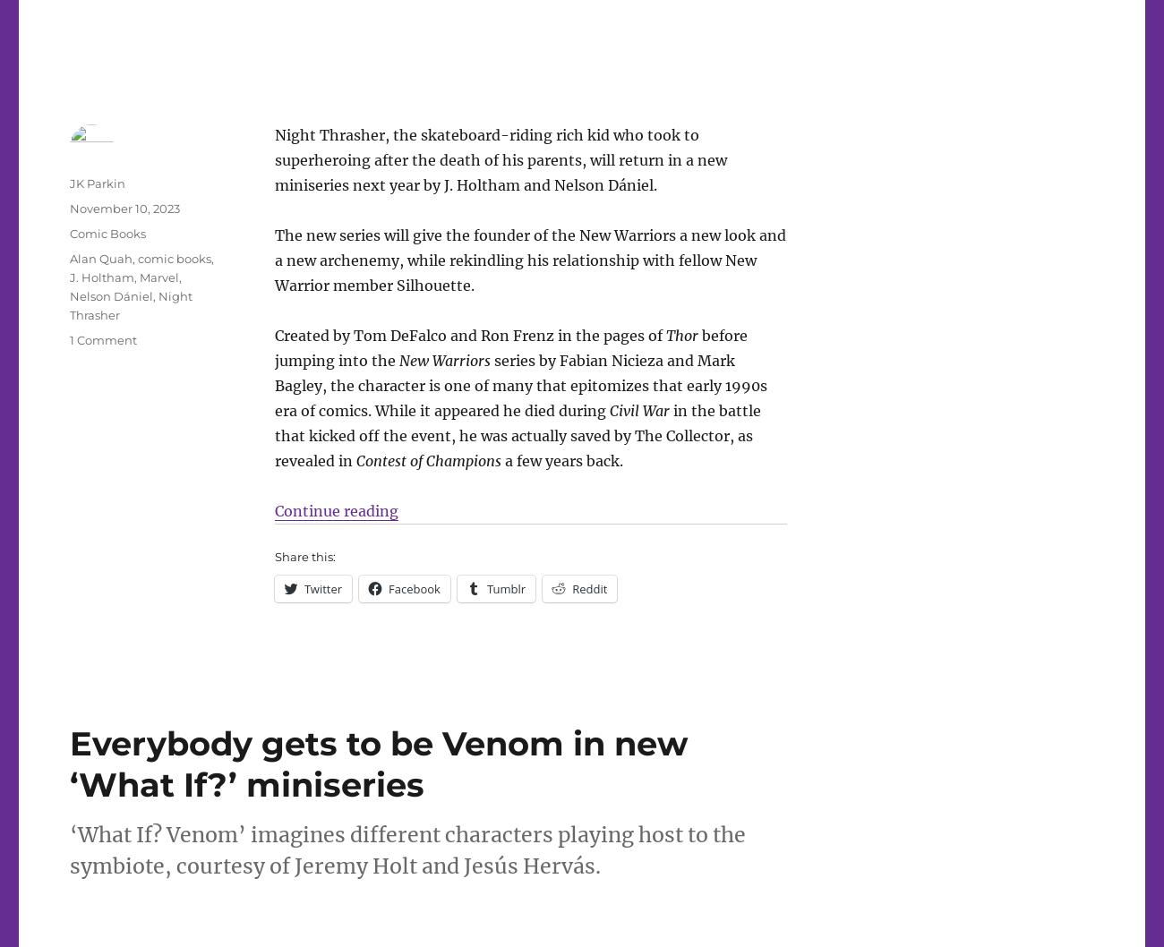 The width and height of the screenshot is (1164, 947). I want to click on 'J. Holtham', so click(101, 276).